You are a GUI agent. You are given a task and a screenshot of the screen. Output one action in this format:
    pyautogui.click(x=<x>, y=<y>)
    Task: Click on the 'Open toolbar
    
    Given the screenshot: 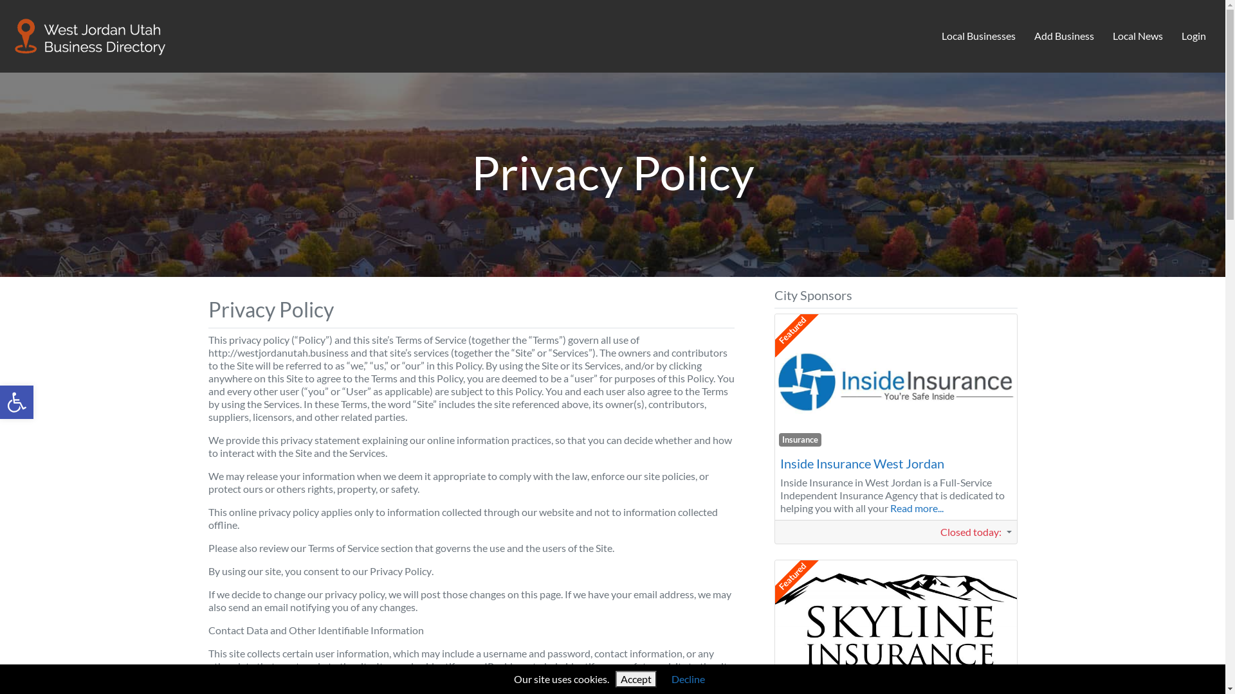 What is the action you would take?
    pyautogui.click(x=16, y=401)
    